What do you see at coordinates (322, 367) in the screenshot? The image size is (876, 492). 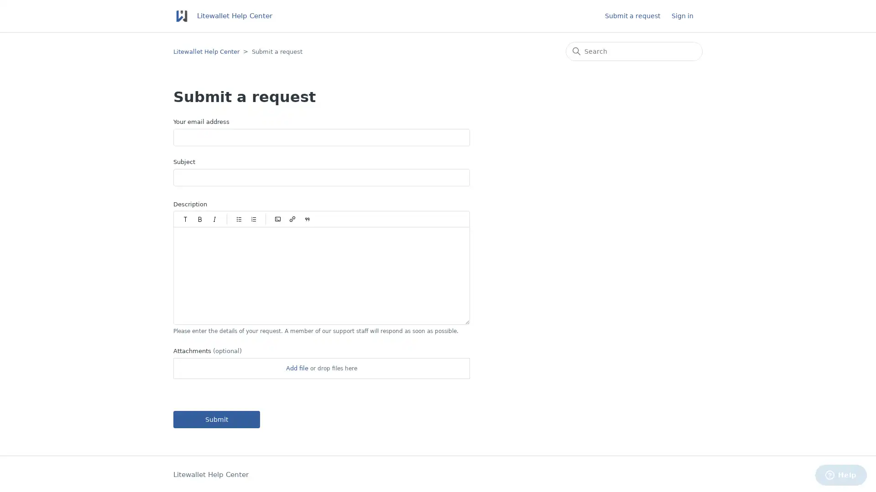 I see `Attachments(optional)` at bounding box center [322, 367].